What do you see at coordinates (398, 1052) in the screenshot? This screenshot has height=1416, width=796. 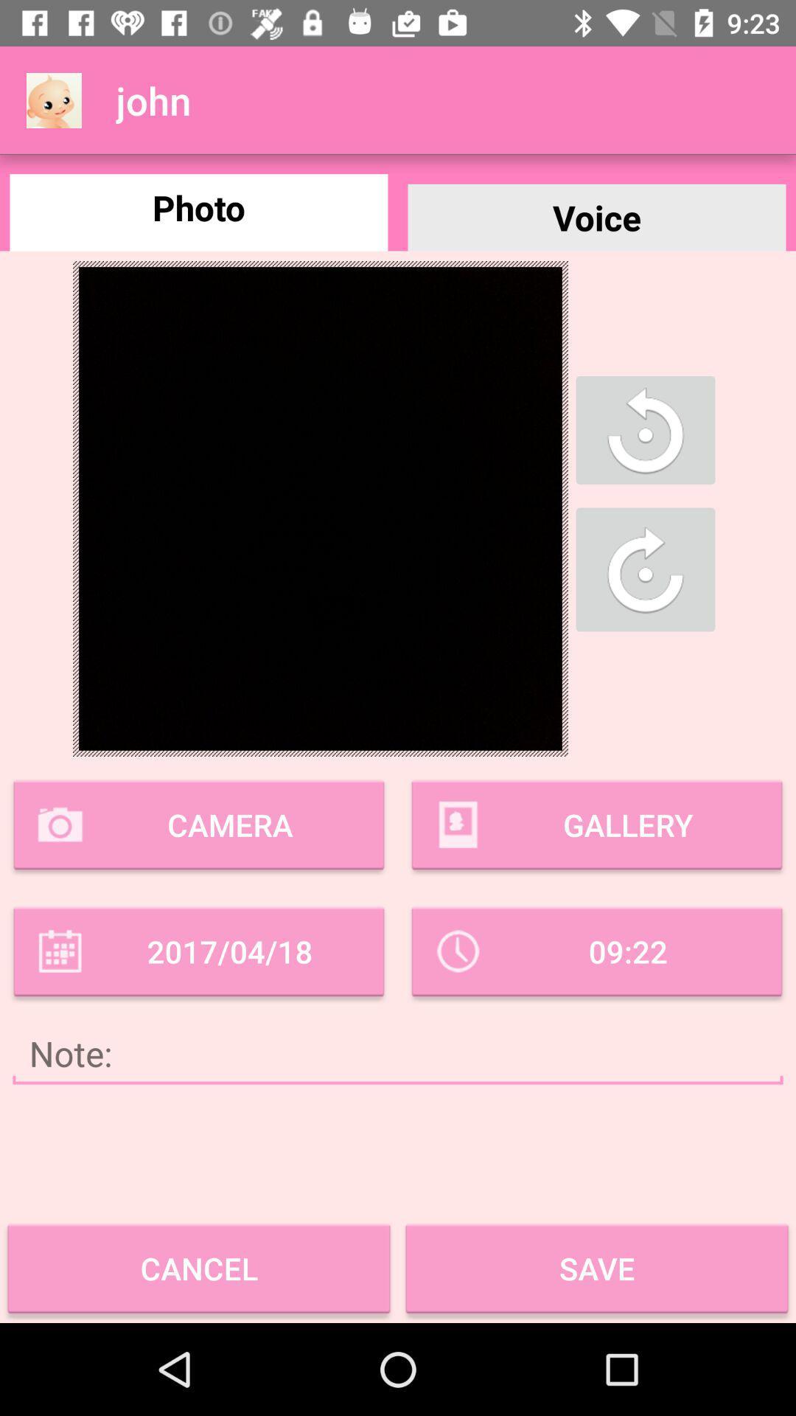 I see `note text` at bounding box center [398, 1052].